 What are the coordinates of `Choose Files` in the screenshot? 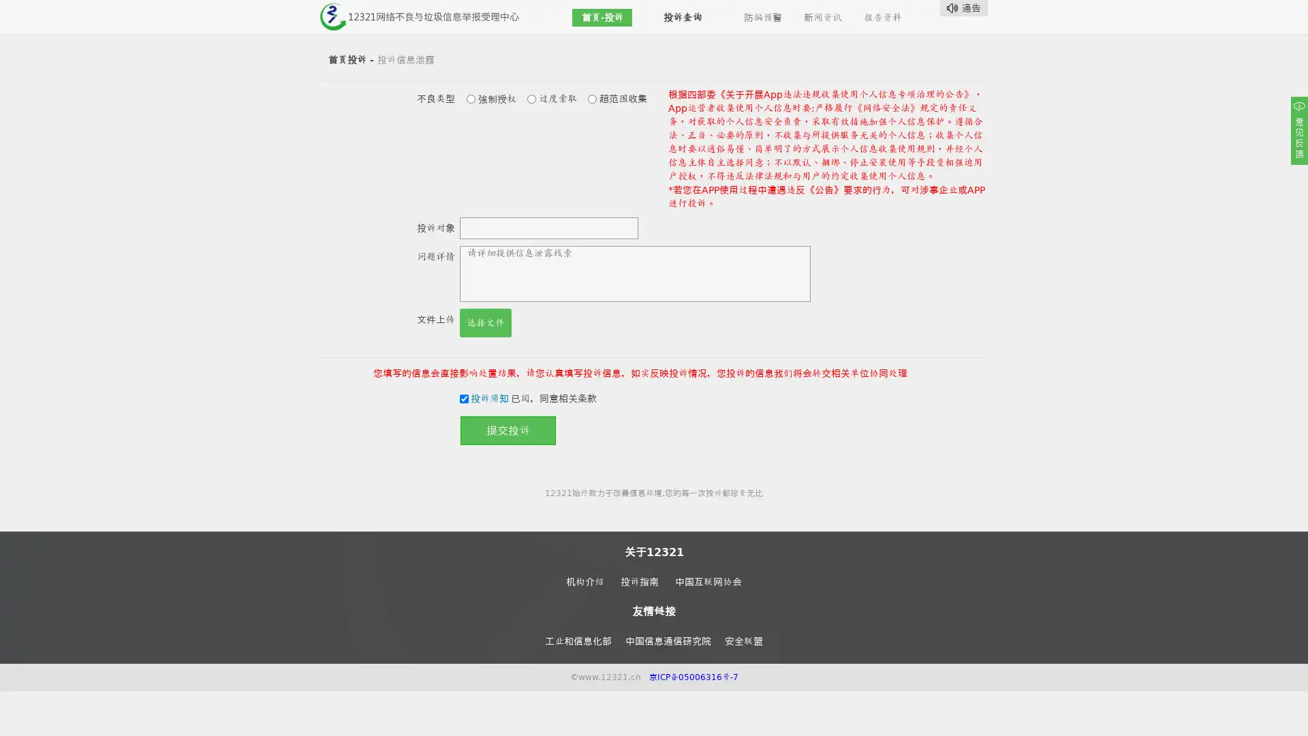 It's located at (494, 316).